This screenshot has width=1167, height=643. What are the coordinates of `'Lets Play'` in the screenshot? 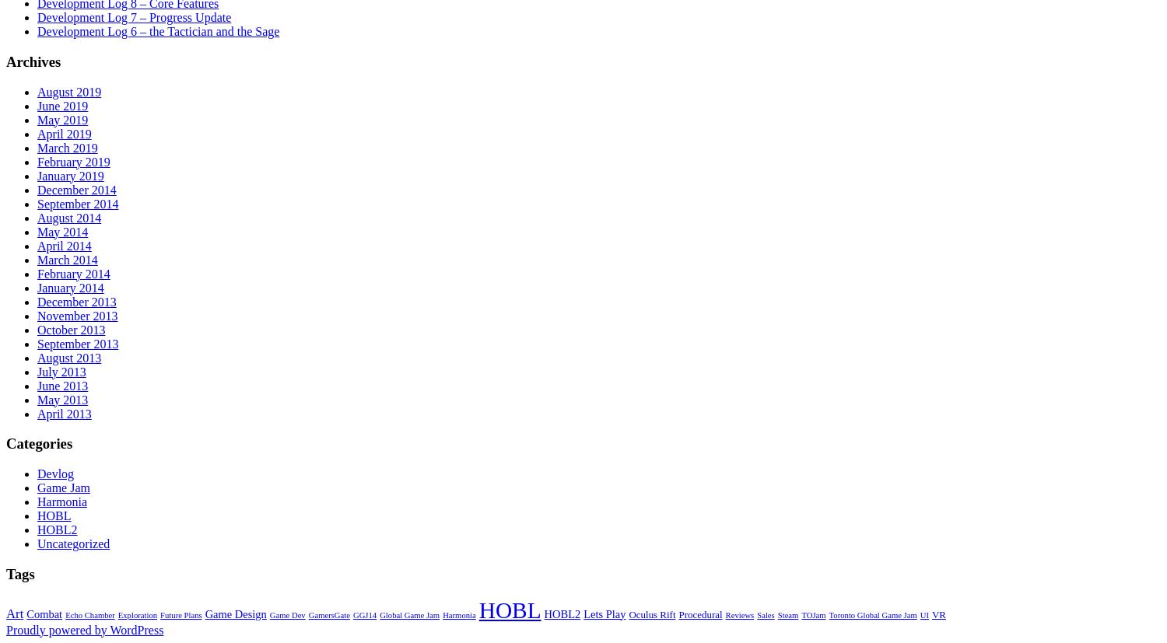 It's located at (605, 613).